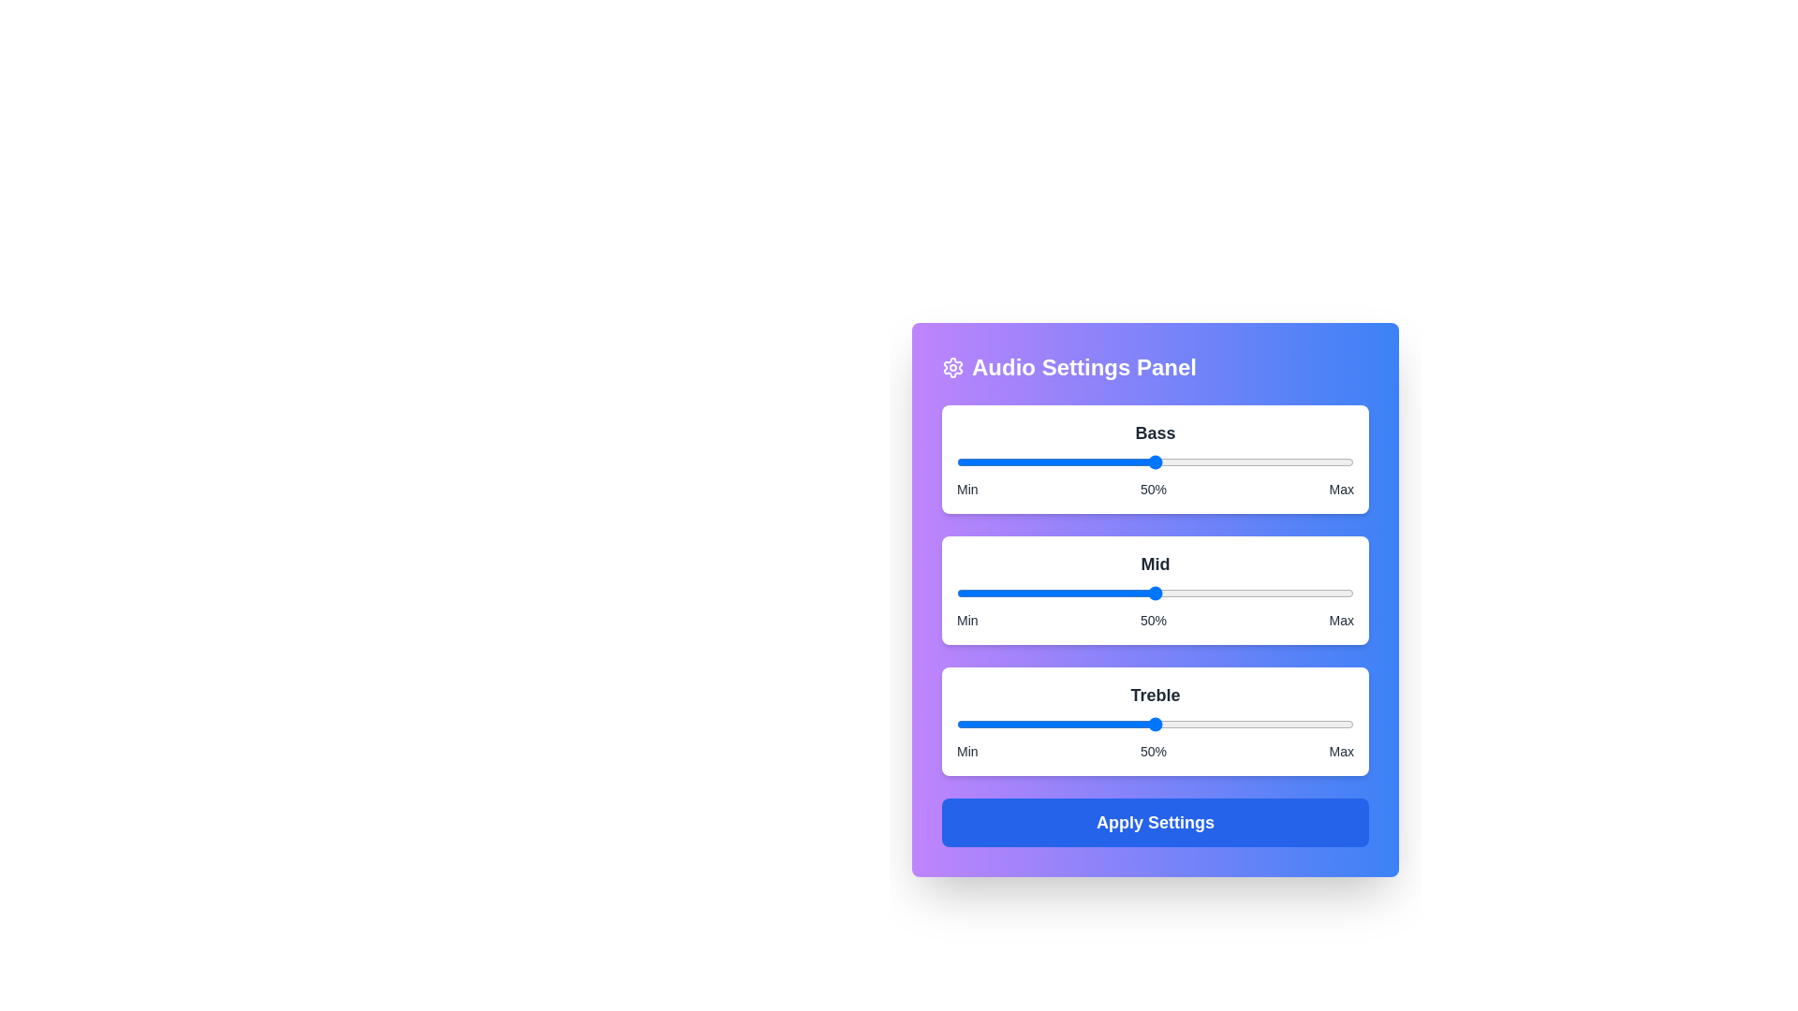  What do you see at coordinates (1321, 593) in the screenshot?
I see `slider` at bounding box center [1321, 593].